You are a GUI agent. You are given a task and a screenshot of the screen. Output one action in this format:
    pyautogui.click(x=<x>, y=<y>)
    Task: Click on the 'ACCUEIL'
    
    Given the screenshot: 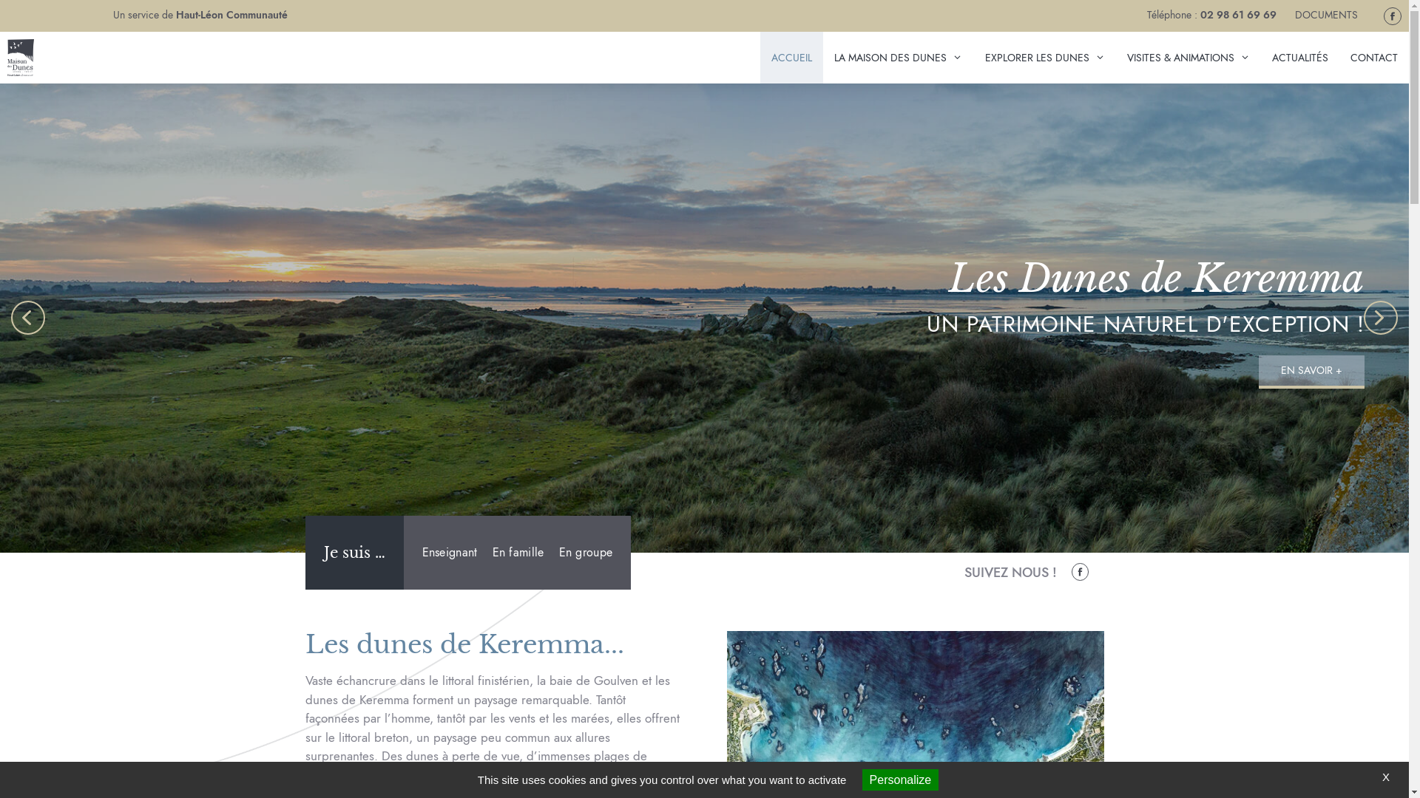 What is the action you would take?
    pyautogui.click(x=760, y=56)
    